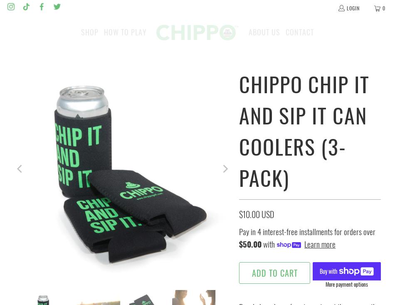  I want to click on 'Shop', so click(80, 32).